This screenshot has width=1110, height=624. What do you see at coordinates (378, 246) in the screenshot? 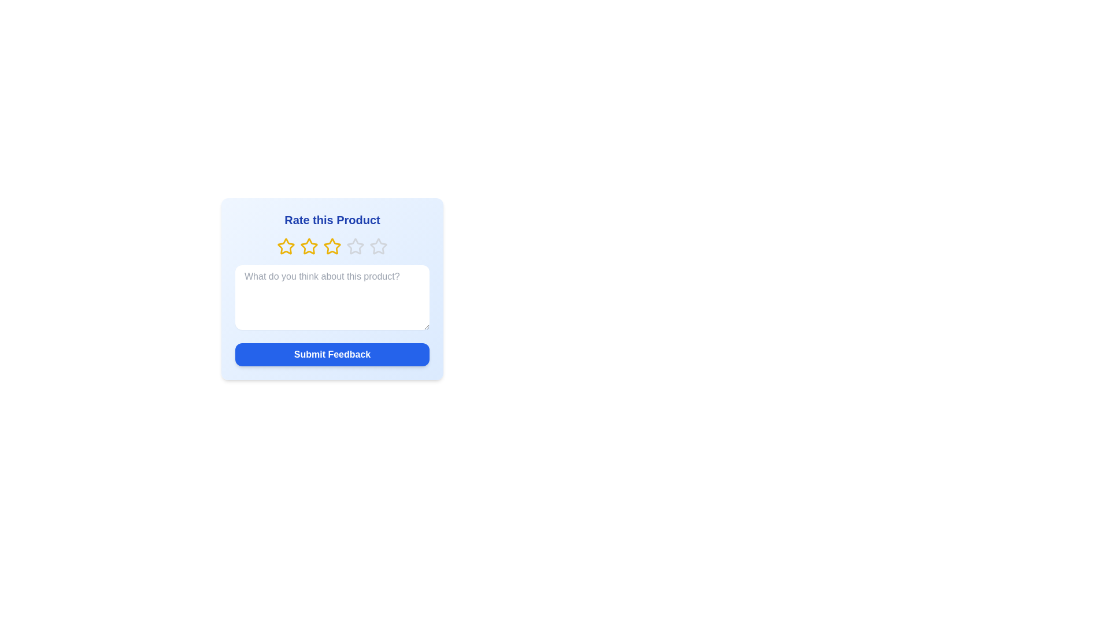
I see `the fifth star icon in the rating section under 'Rate this Product'` at bounding box center [378, 246].